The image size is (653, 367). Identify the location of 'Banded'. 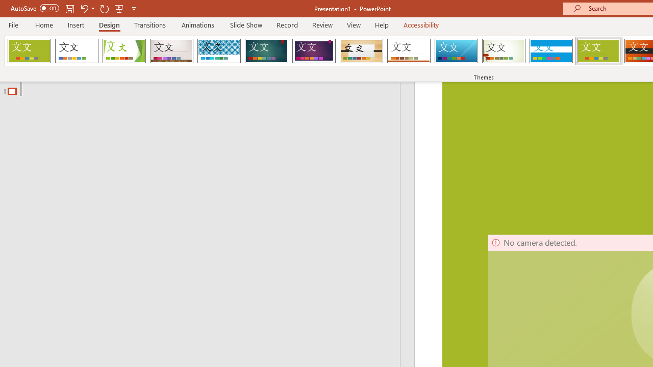
(550, 51).